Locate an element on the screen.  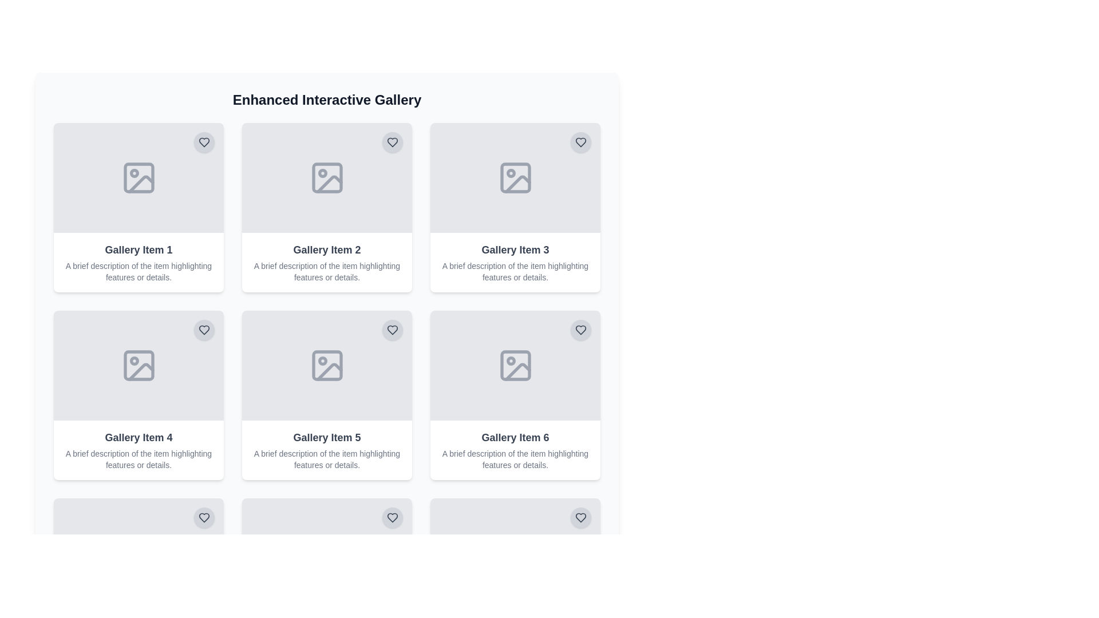
the 'favorite' or 'like' button for 'Gallery Item 1' is located at coordinates (204, 142).